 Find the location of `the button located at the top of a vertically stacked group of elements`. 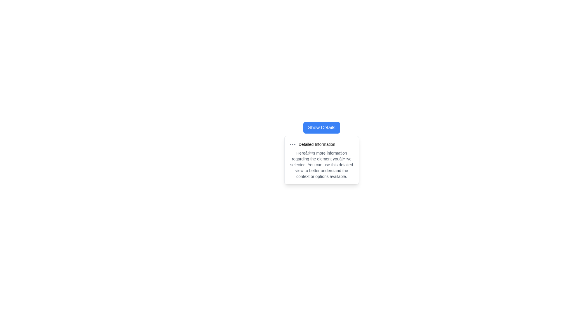

the button located at the top of a vertically stacked group of elements is located at coordinates (321, 127).